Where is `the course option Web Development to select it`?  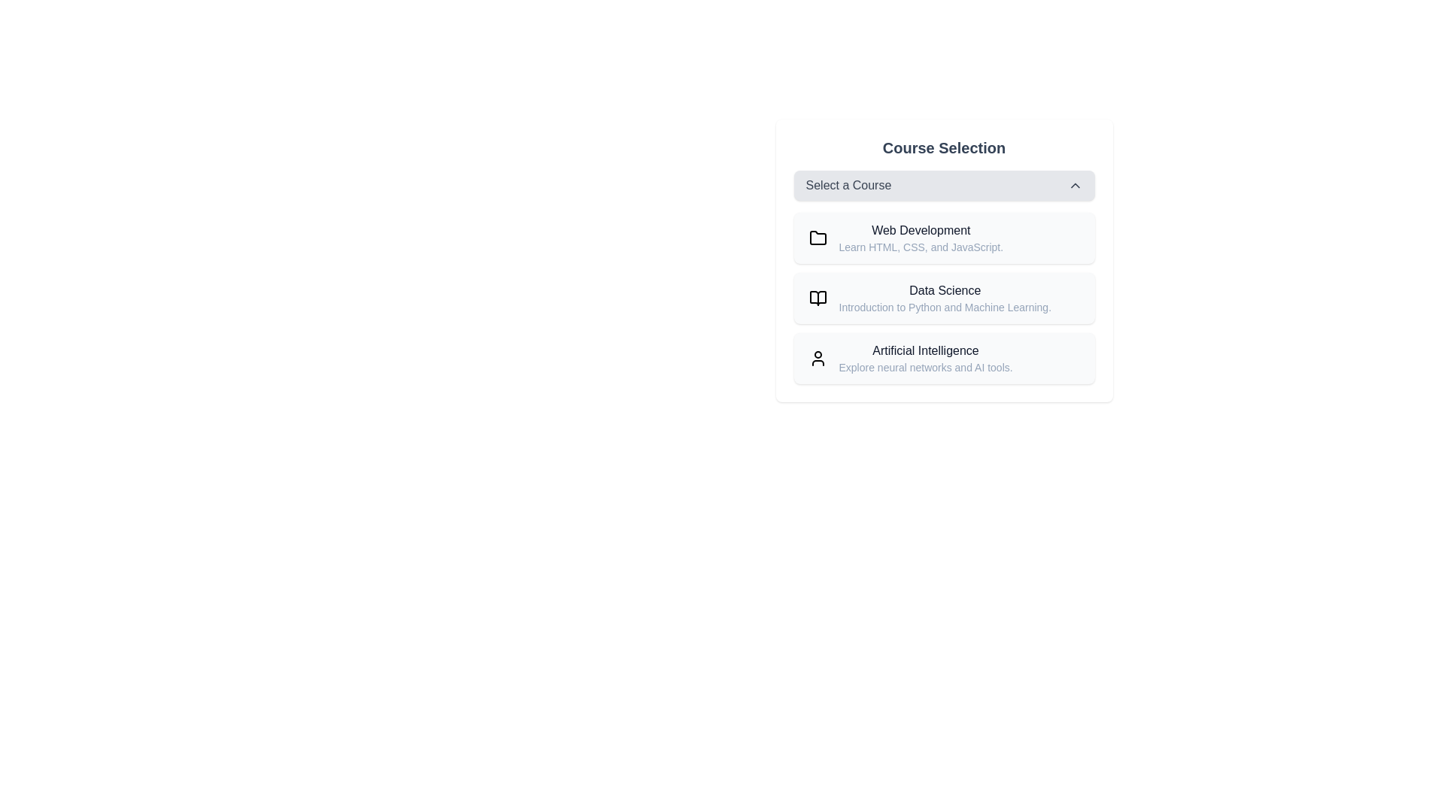
the course option Web Development to select it is located at coordinates (943, 237).